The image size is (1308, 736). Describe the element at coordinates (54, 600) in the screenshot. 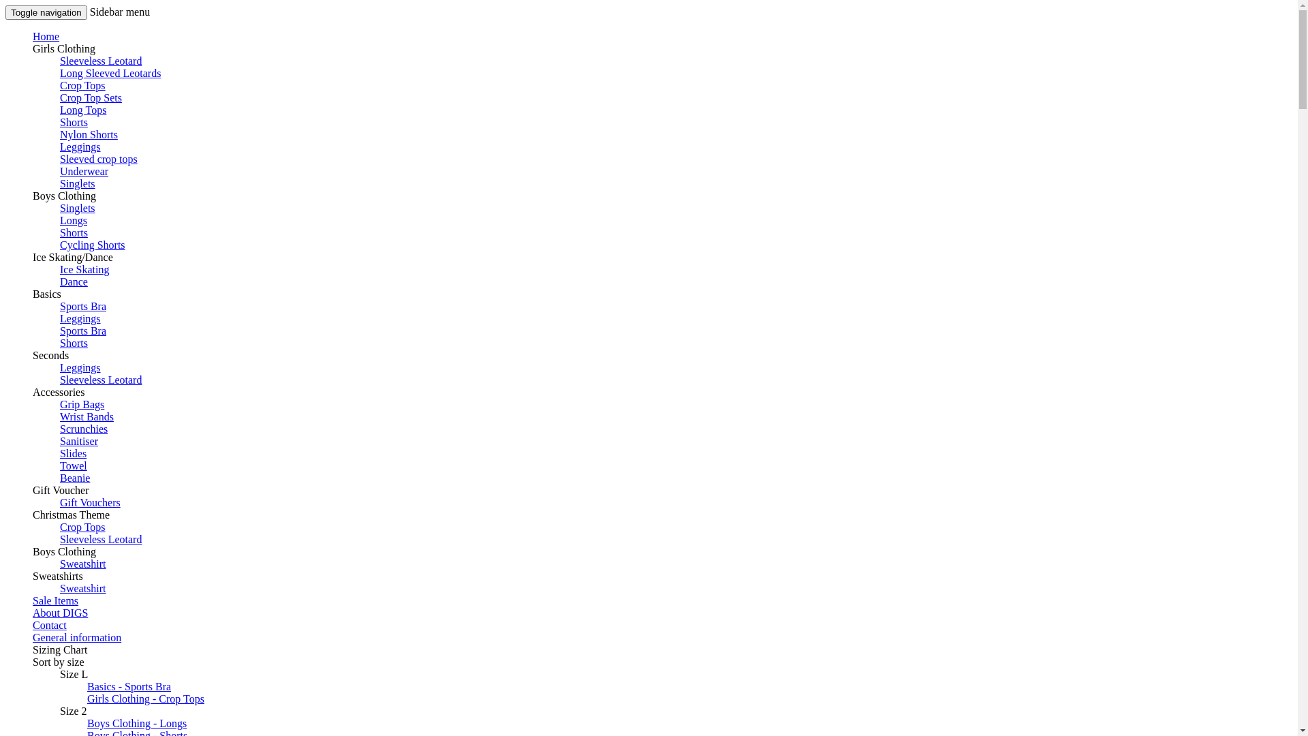

I see `'Sale Items'` at that location.